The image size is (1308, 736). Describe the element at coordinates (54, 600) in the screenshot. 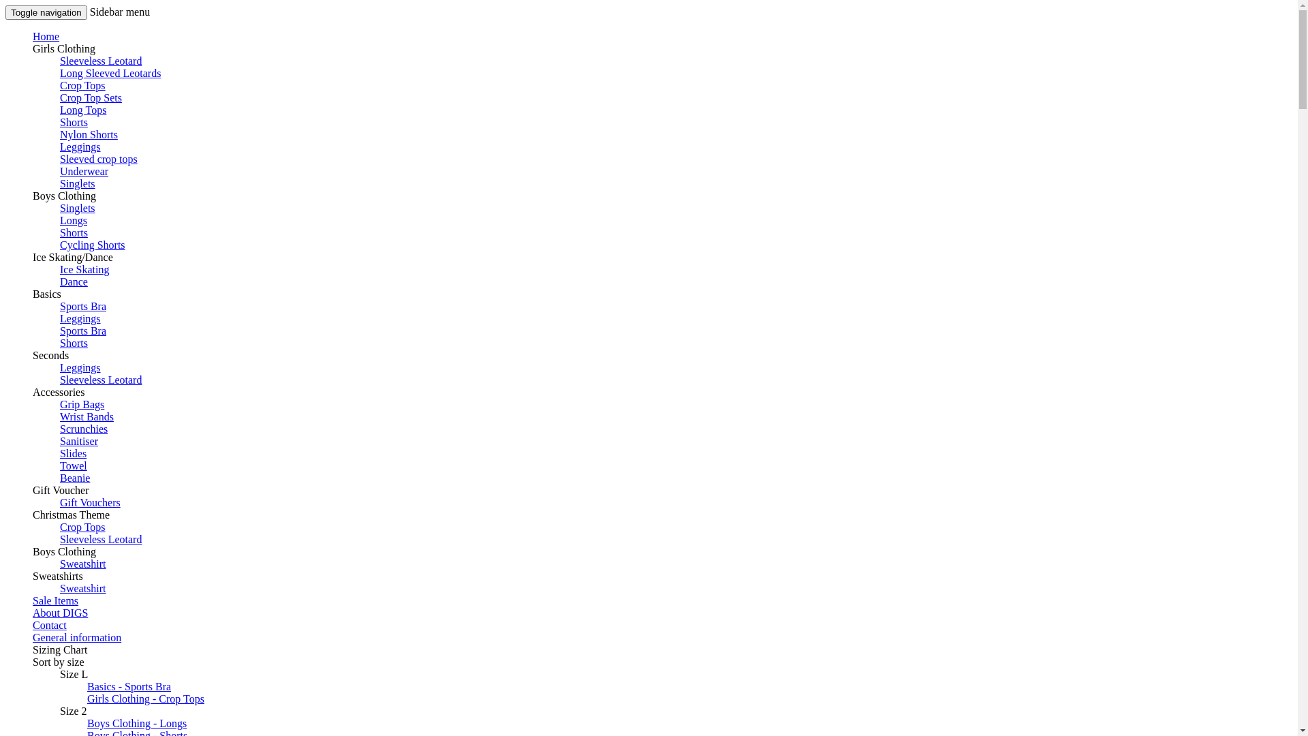

I see `'Sale Items'` at that location.